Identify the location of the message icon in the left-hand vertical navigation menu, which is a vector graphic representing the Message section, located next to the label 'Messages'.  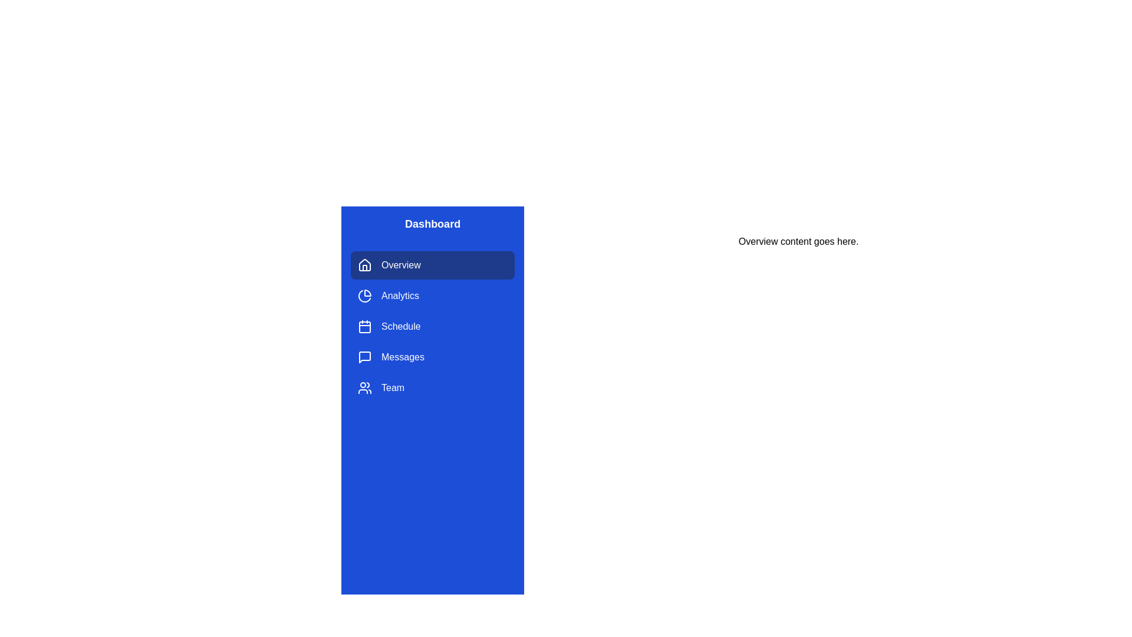
(364, 356).